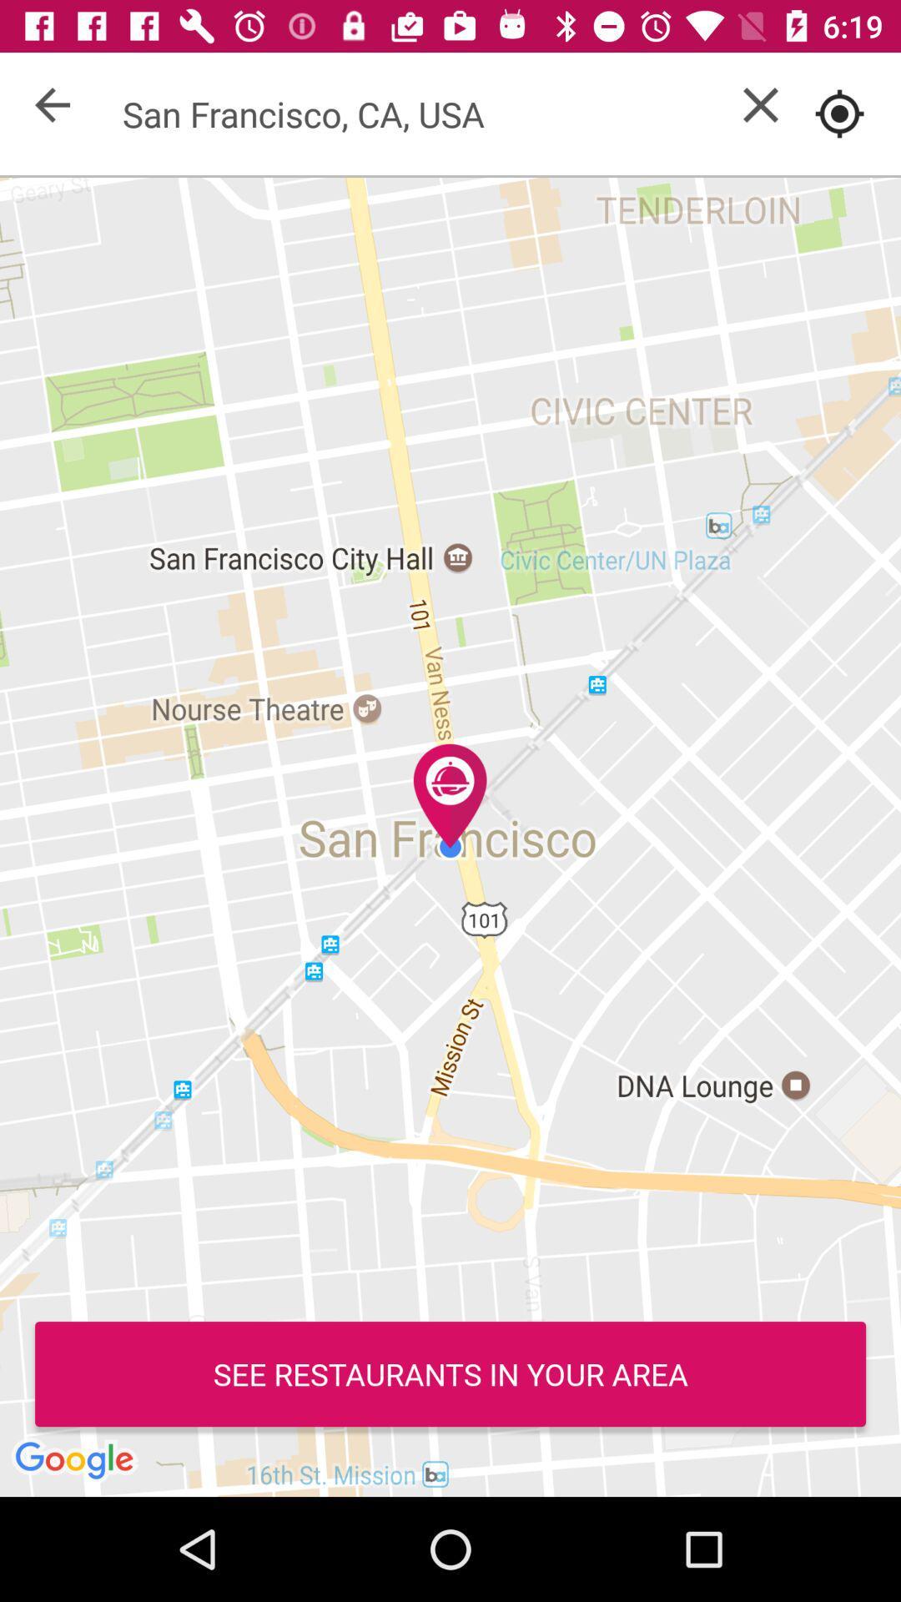  What do you see at coordinates (51, 103) in the screenshot?
I see `the arrow_backward icon` at bounding box center [51, 103].